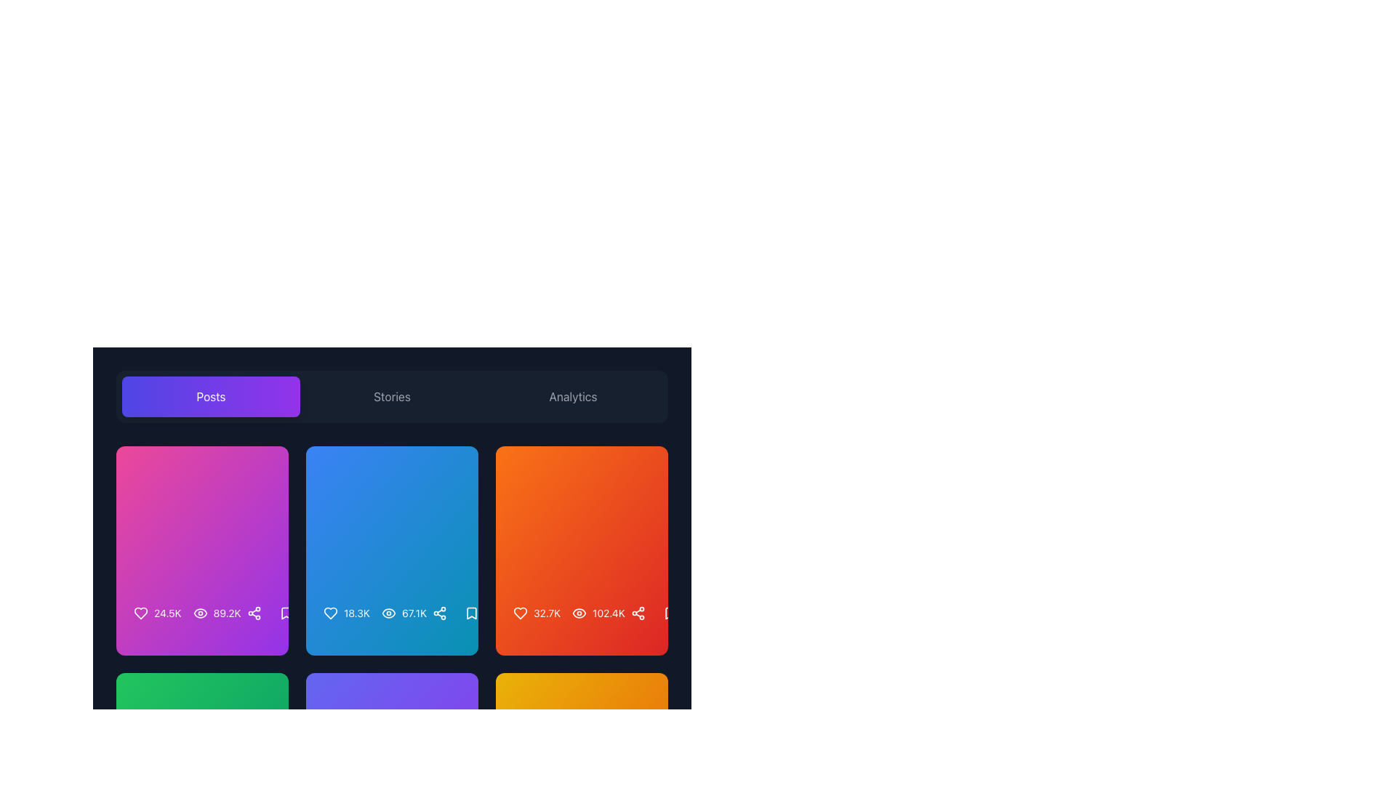  What do you see at coordinates (546, 613) in the screenshot?
I see `the displayed count value of the text label showing '32.7K', which is located at the bottom-right side of an orange card component` at bounding box center [546, 613].